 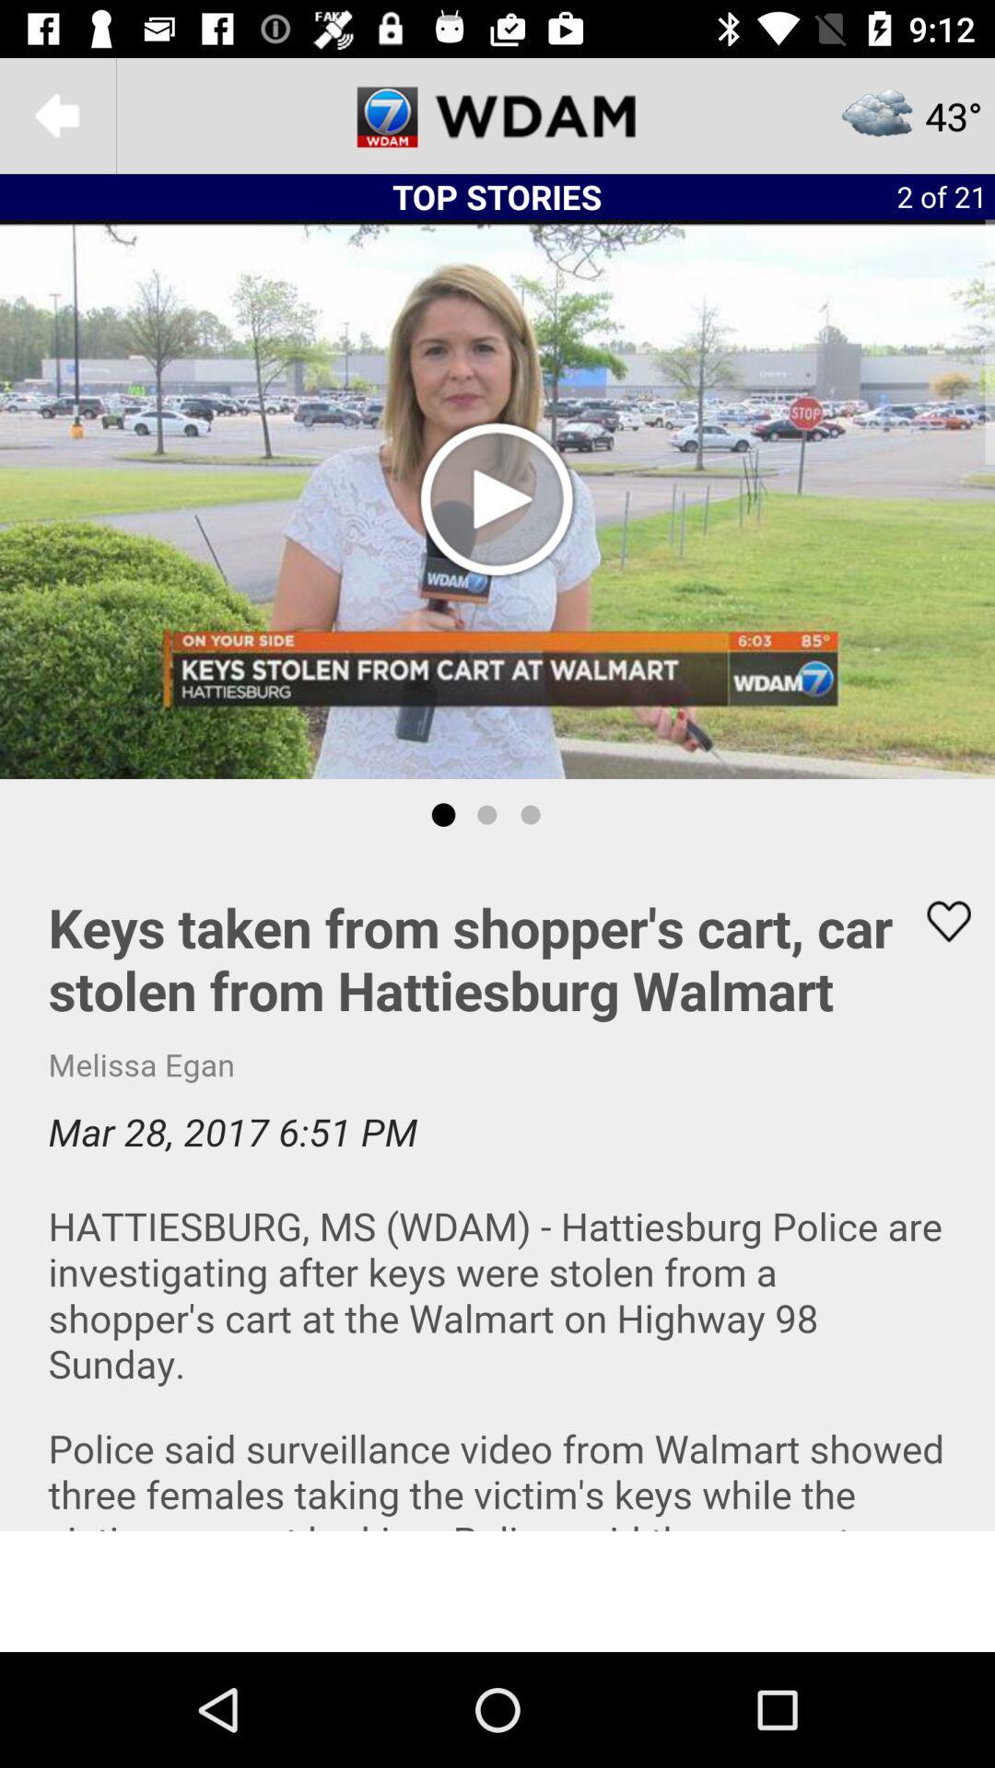 I want to click on go back, so click(x=56, y=114).